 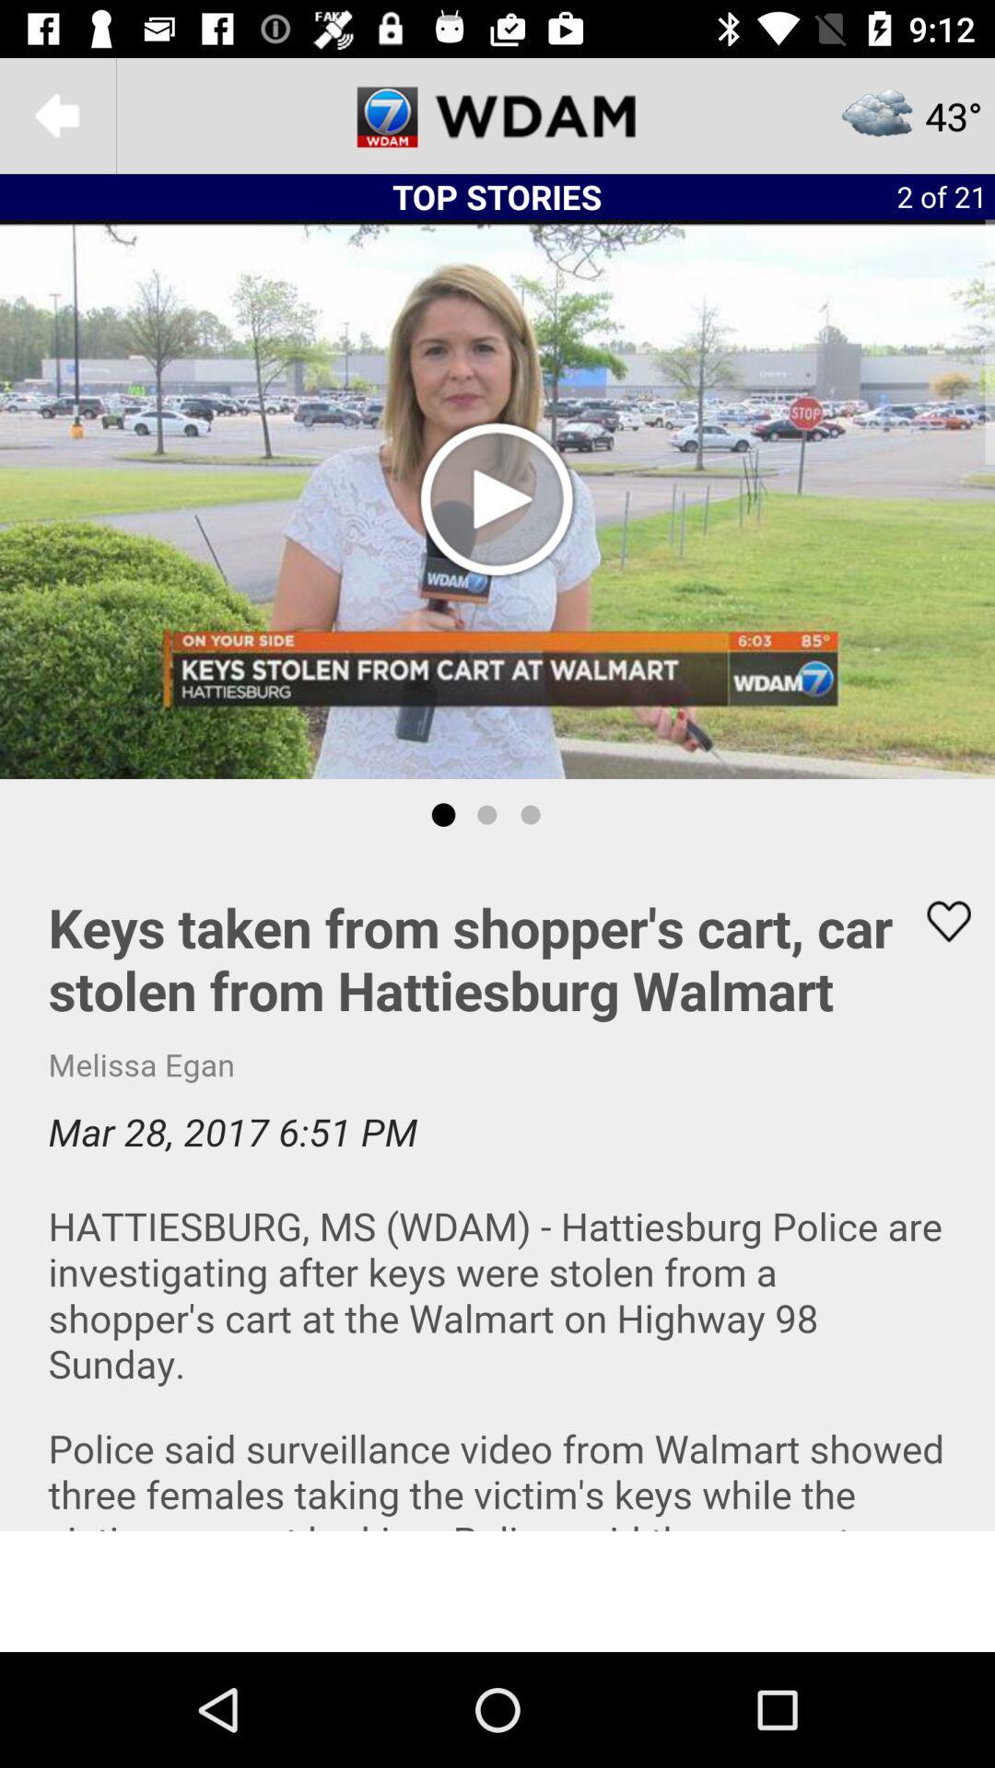 I want to click on go back, so click(x=56, y=114).